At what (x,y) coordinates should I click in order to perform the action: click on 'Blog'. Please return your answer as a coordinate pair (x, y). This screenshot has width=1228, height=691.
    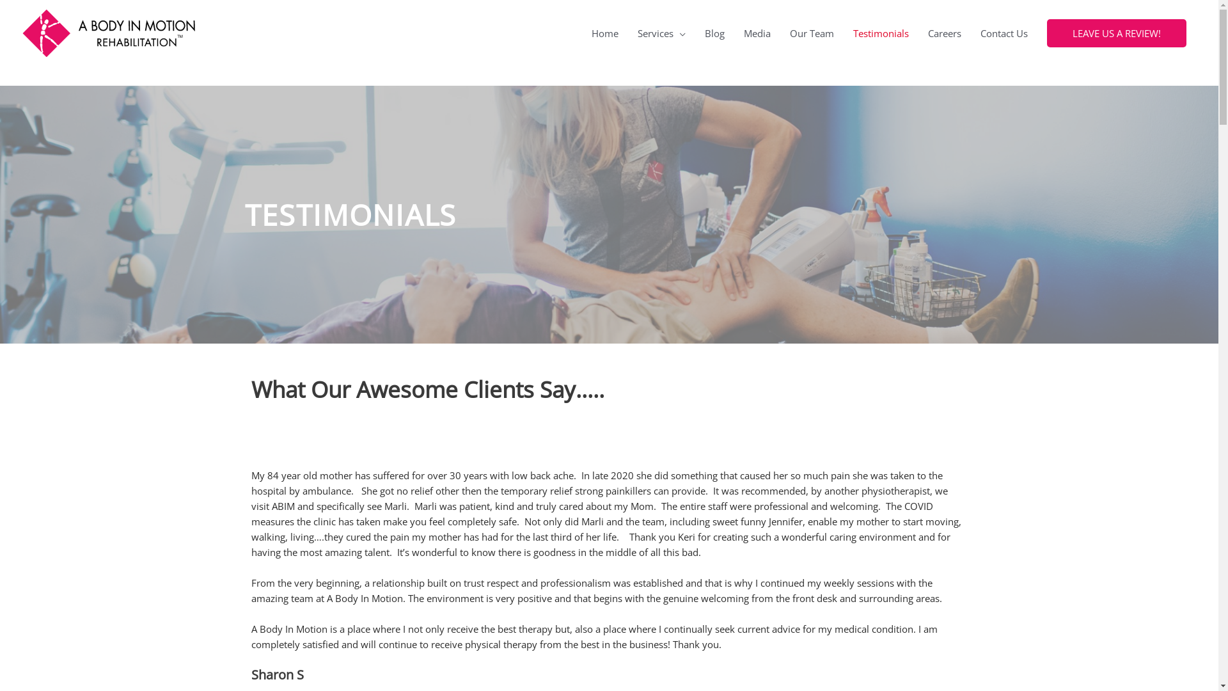
    Looking at the image, I should click on (694, 32).